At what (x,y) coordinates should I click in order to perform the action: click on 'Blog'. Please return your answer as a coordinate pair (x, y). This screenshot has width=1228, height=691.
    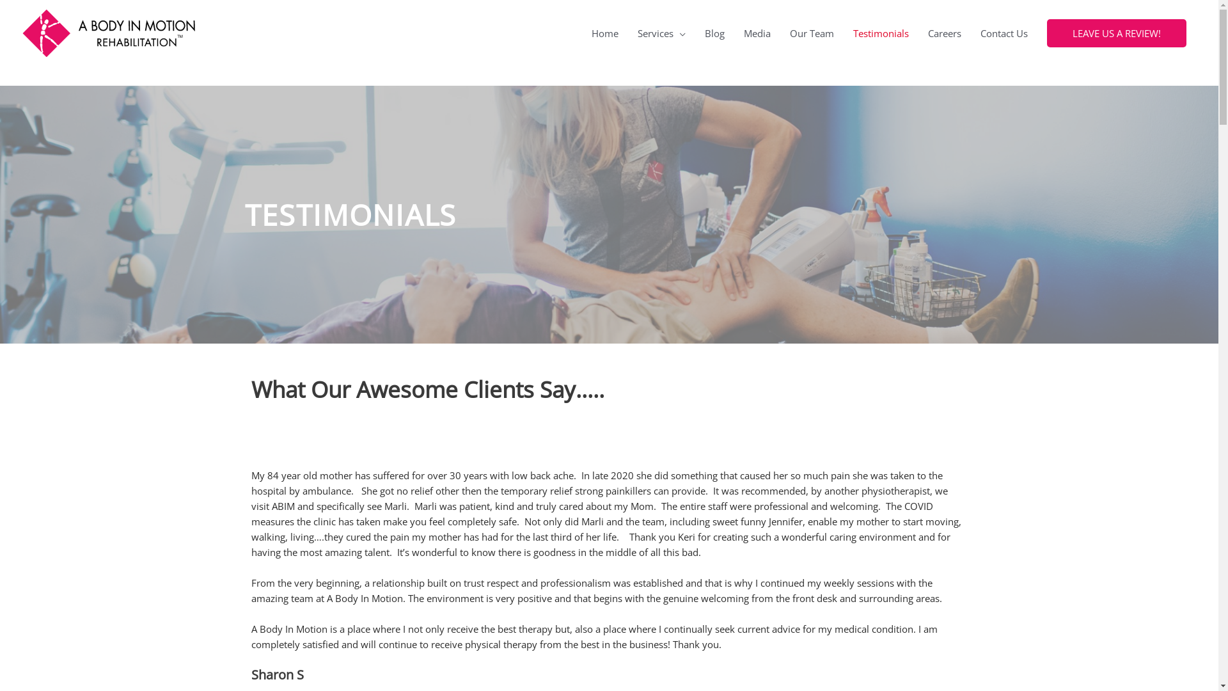
    Looking at the image, I should click on (694, 32).